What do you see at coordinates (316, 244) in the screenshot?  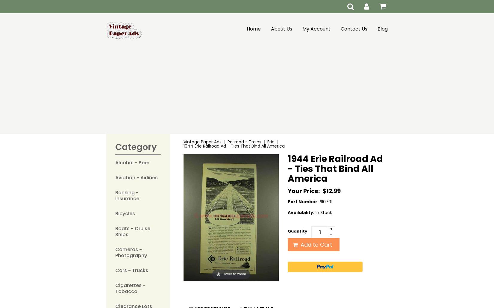 I see `'Add to Cart'` at bounding box center [316, 244].